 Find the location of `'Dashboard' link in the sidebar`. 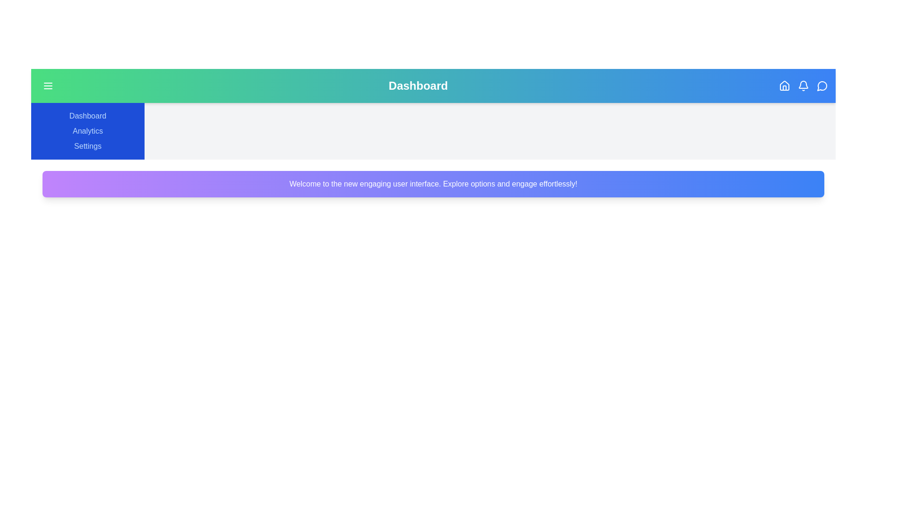

'Dashboard' link in the sidebar is located at coordinates (88, 116).